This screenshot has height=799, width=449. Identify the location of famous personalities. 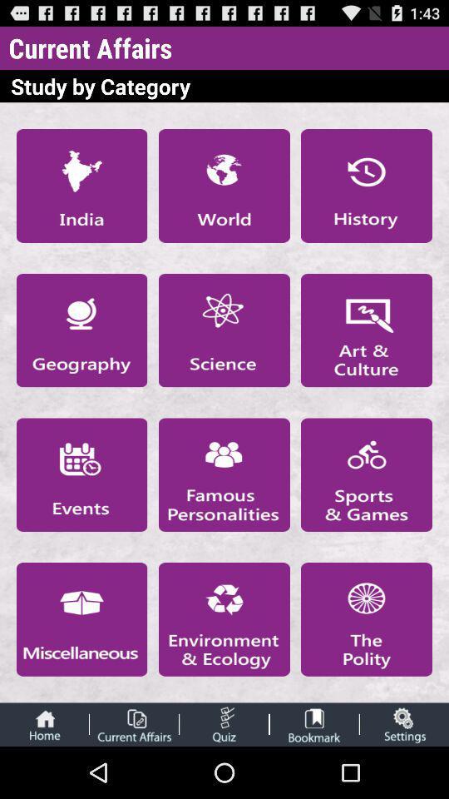
(224, 474).